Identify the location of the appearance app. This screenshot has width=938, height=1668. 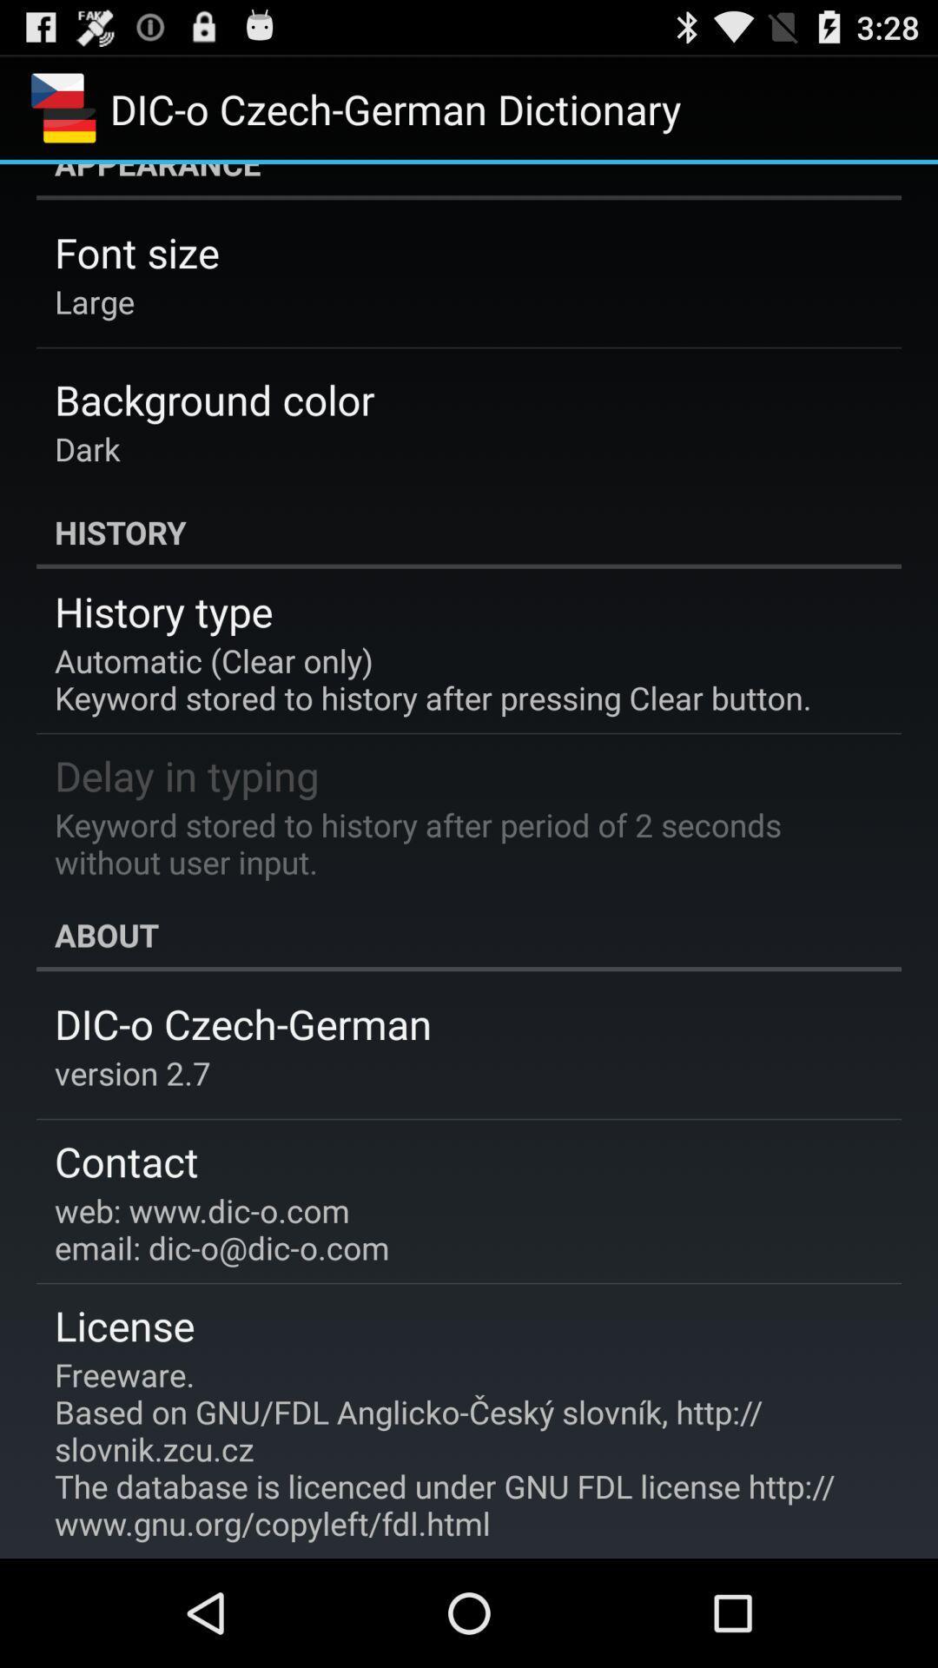
(469, 182).